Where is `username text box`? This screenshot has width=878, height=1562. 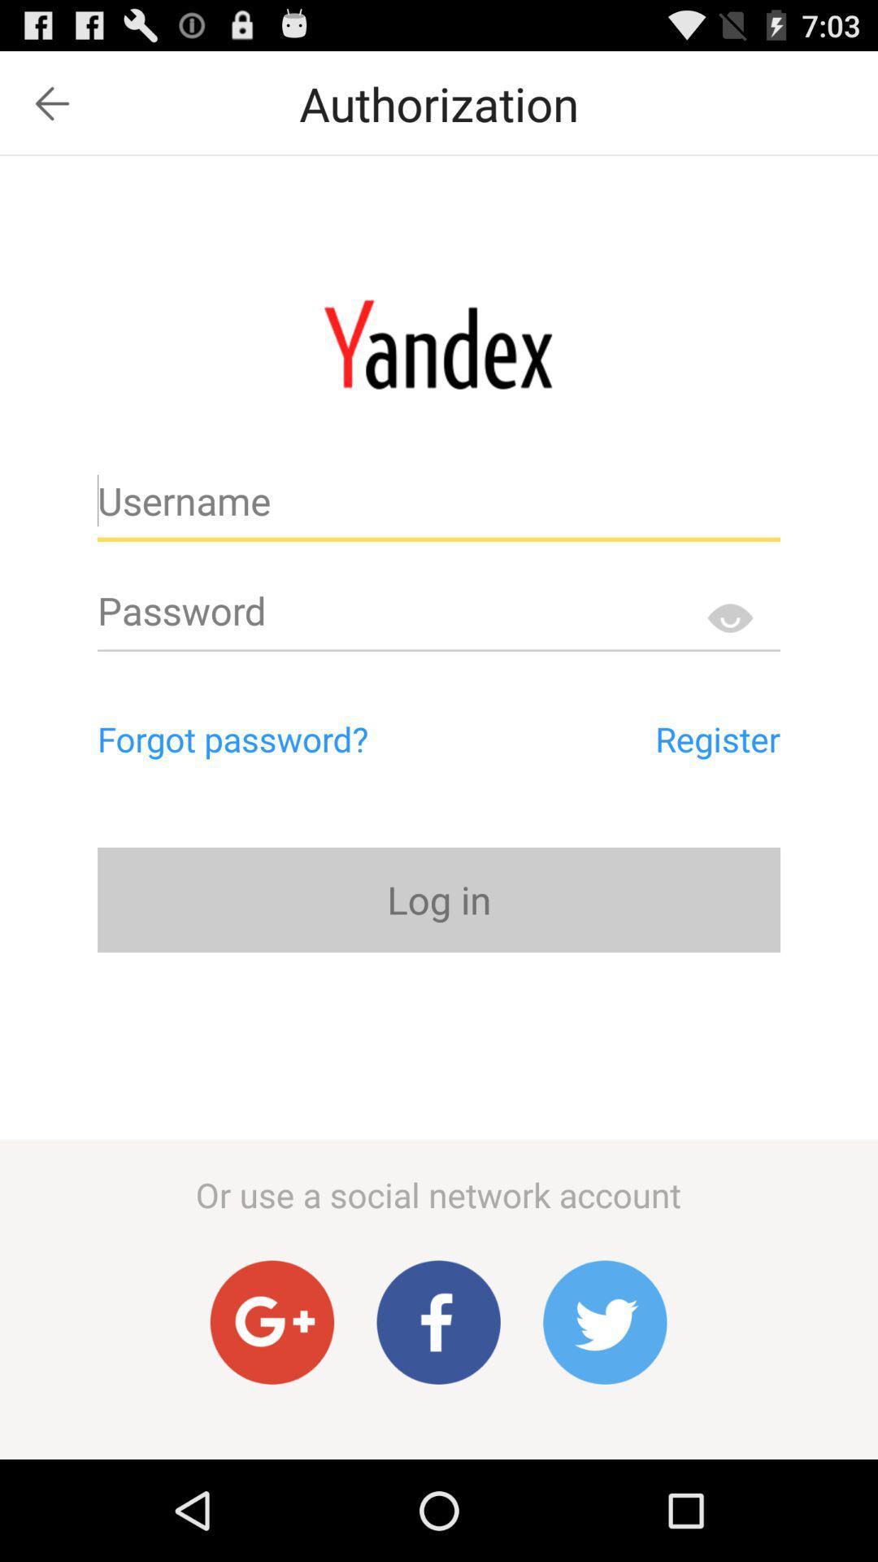 username text box is located at coordinates (439, 507).